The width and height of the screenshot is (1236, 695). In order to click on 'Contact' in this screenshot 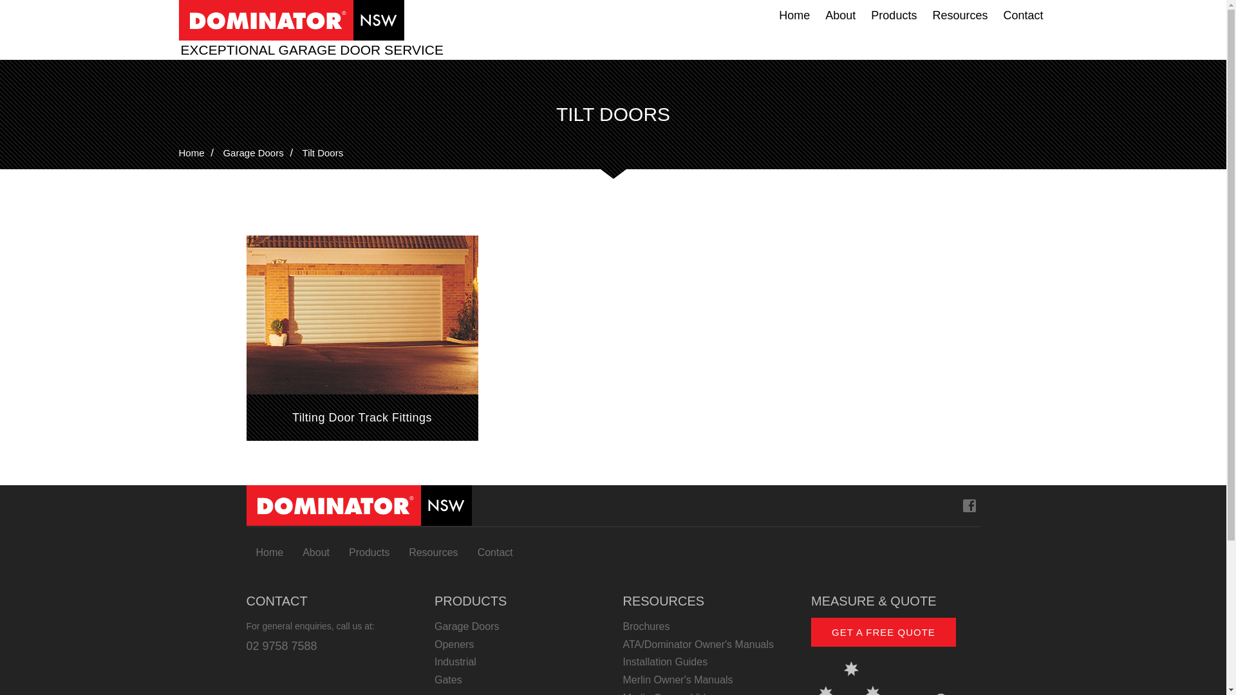, I will do `click(494, 552)`.